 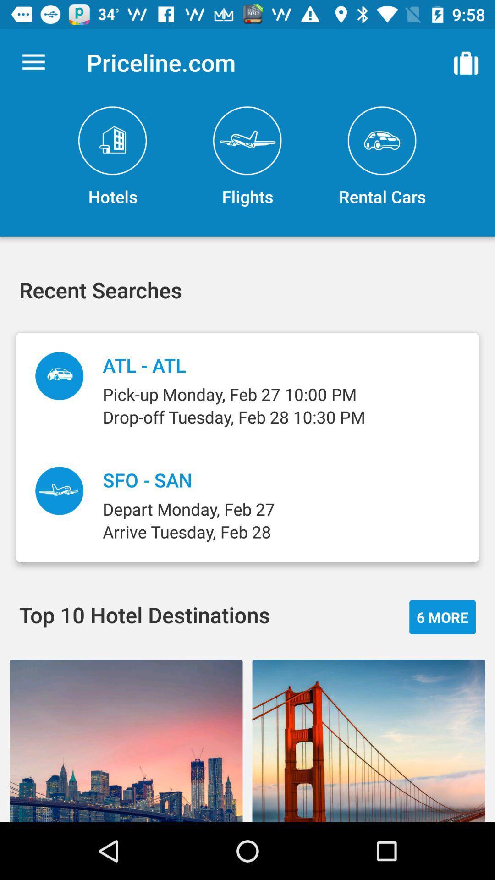 What do you see at coordinates (442, 617) in the screenshot?
I see `item below rental cars item` at bounding box center [442, 617].